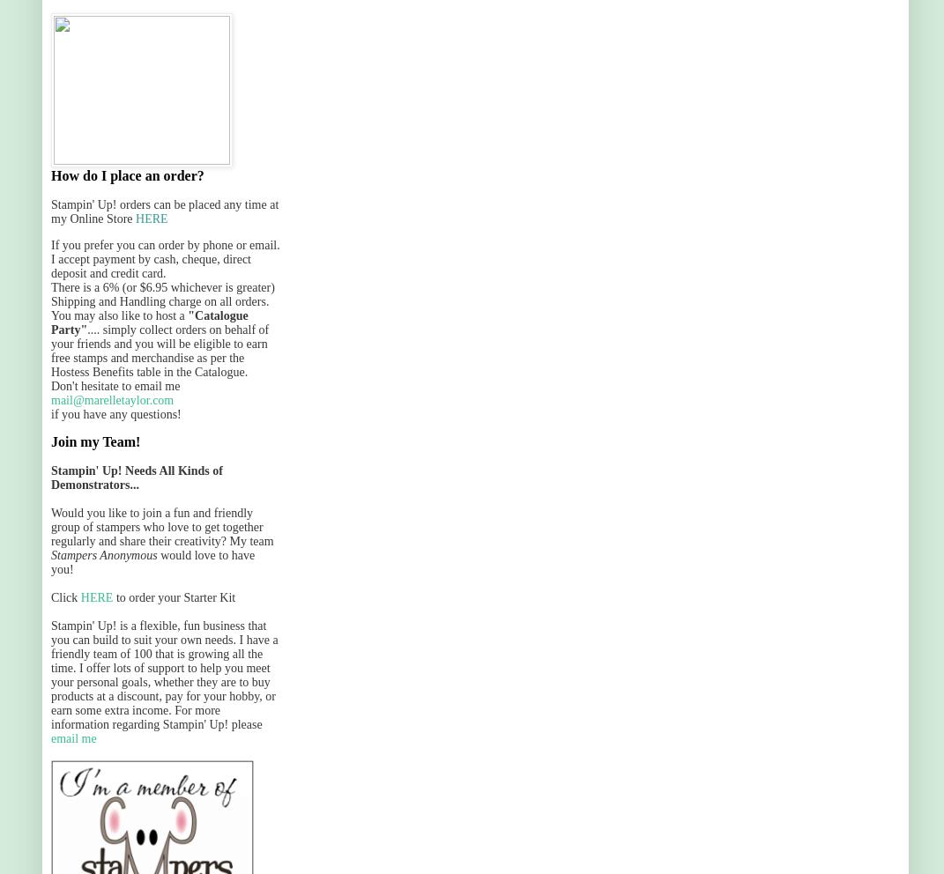 This screenshot has width=944, height=874. I want to click on 'mail@marelletaylor.com', so click(112, 399).